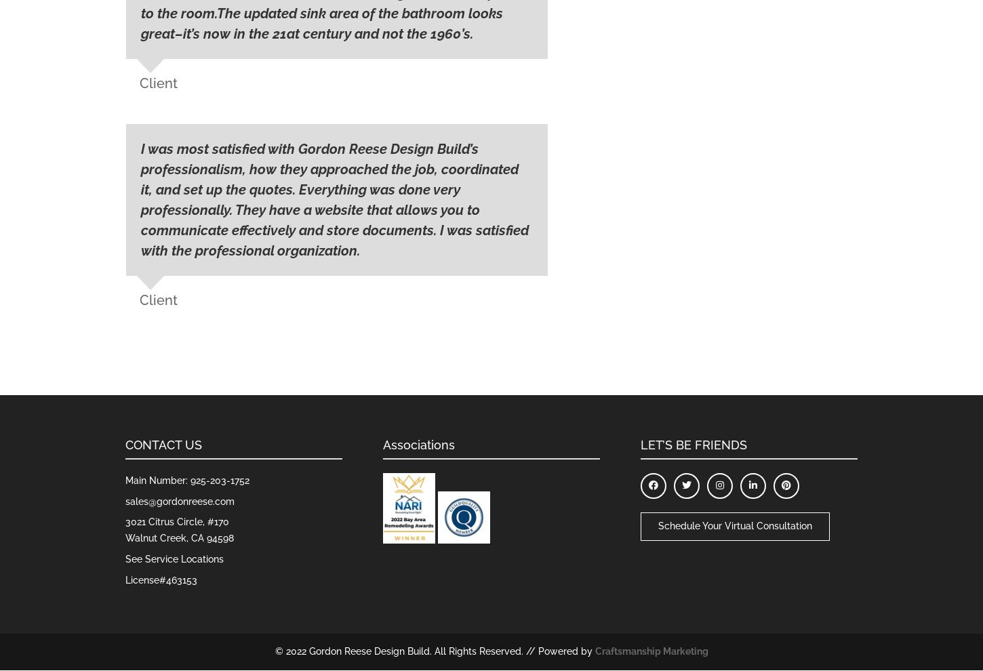  I want to click on 'Craftsmanship Marketing', so click(650, 651).